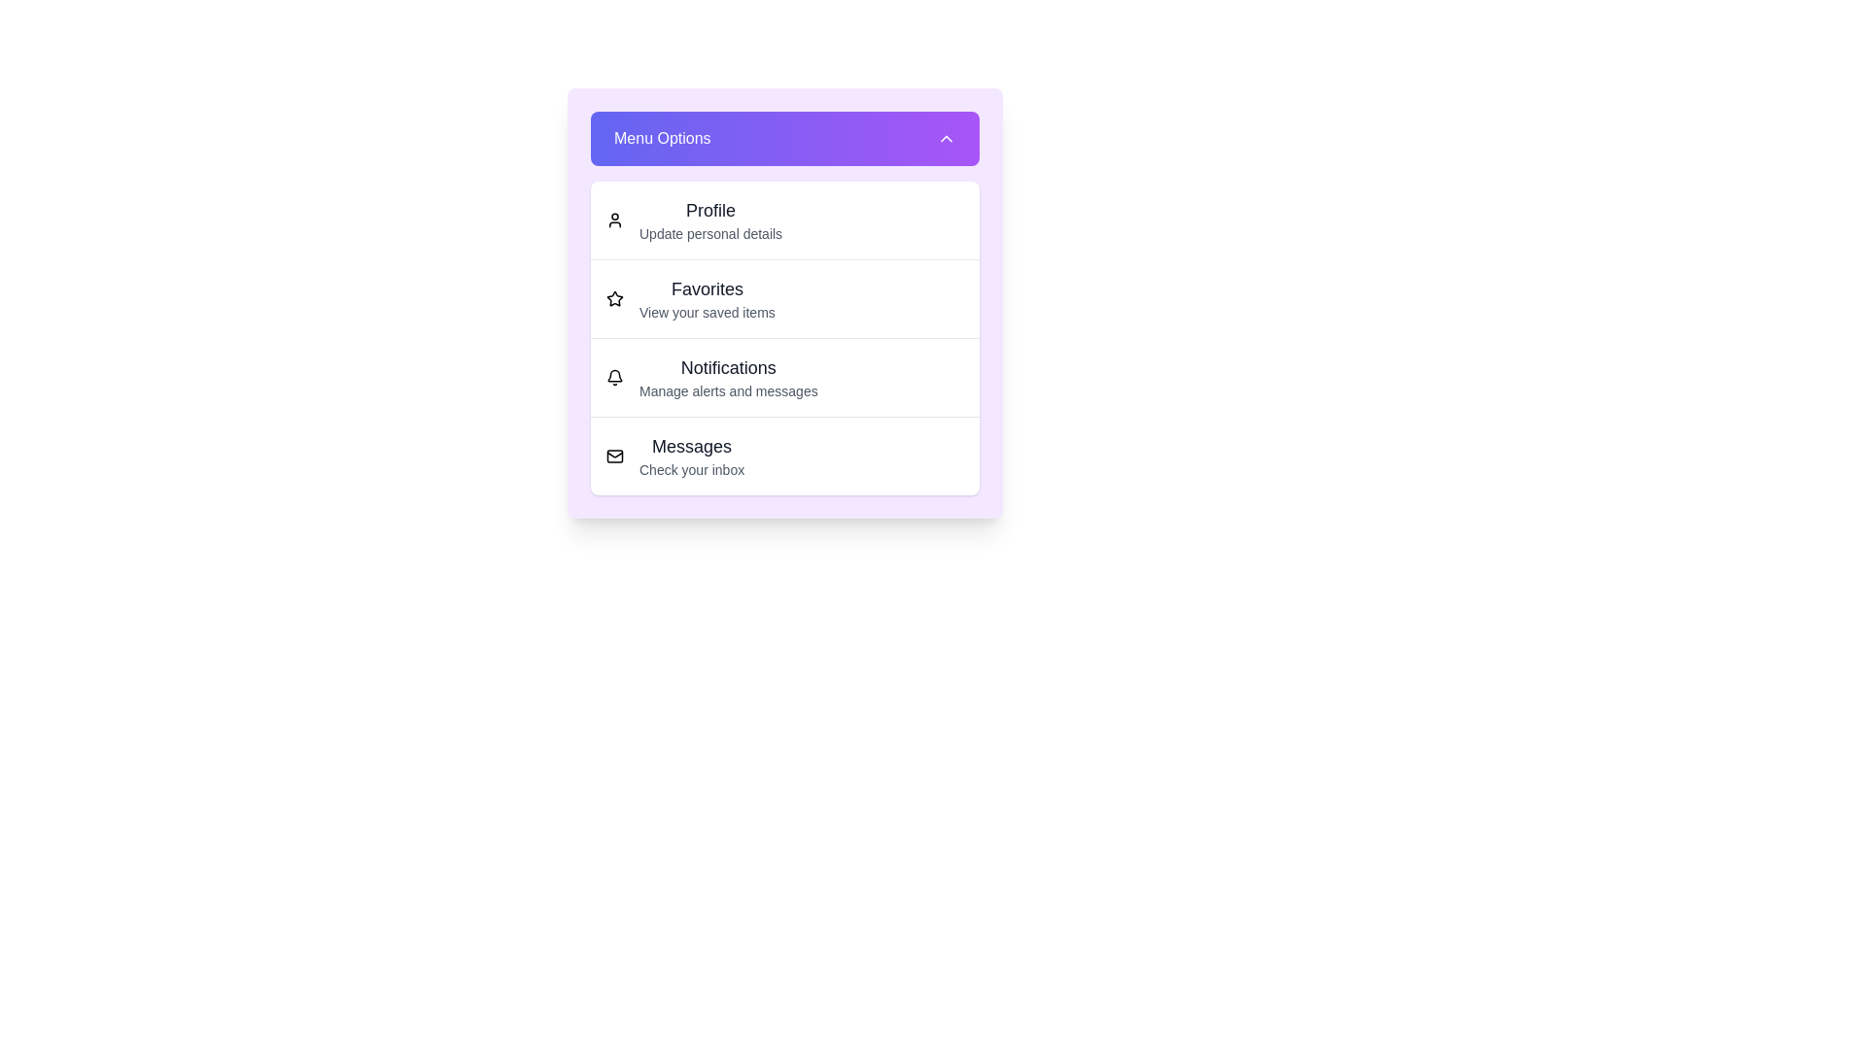  Describe the element at coordinates (784, 456) in the screenshot. I see `the menu option Messages from the list` at that location.